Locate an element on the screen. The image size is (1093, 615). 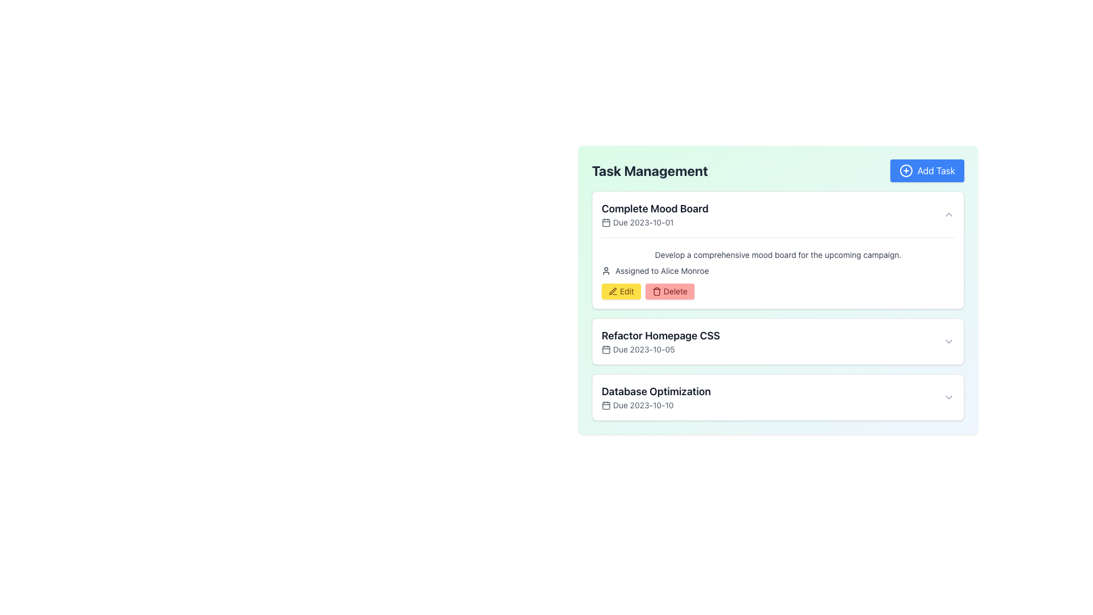
the rectangular shape with rounded corners within the SVG calendar icon, indicating a highlighted event is located at coordinates (606, 348).